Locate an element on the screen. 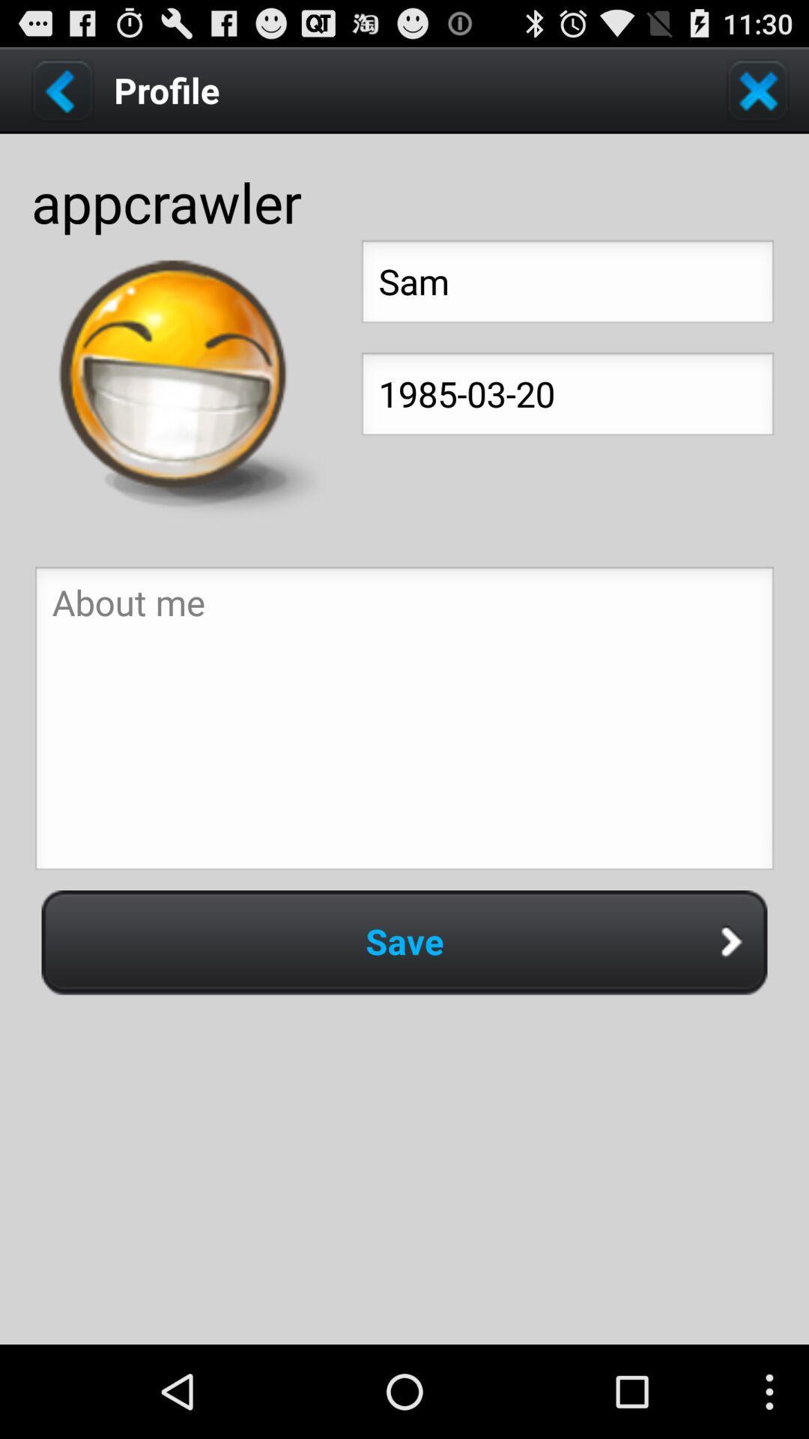 This screenshot has height=1439, width=809. go close is located at coordinates (757, 89).